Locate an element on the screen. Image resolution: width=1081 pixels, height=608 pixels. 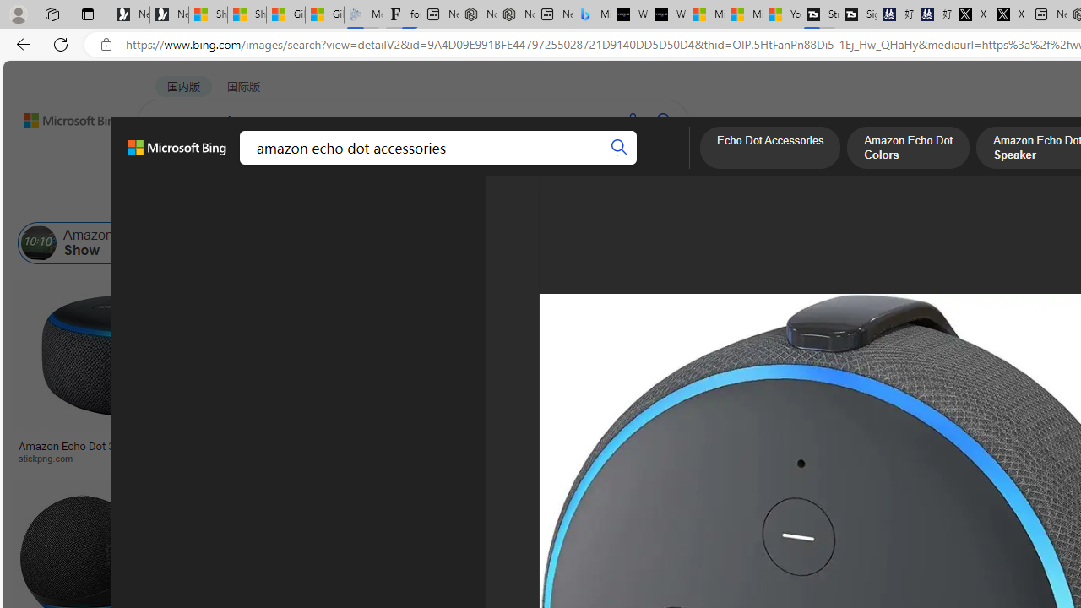
'Amazon Echo Show' is located at coordinates (90, 243).